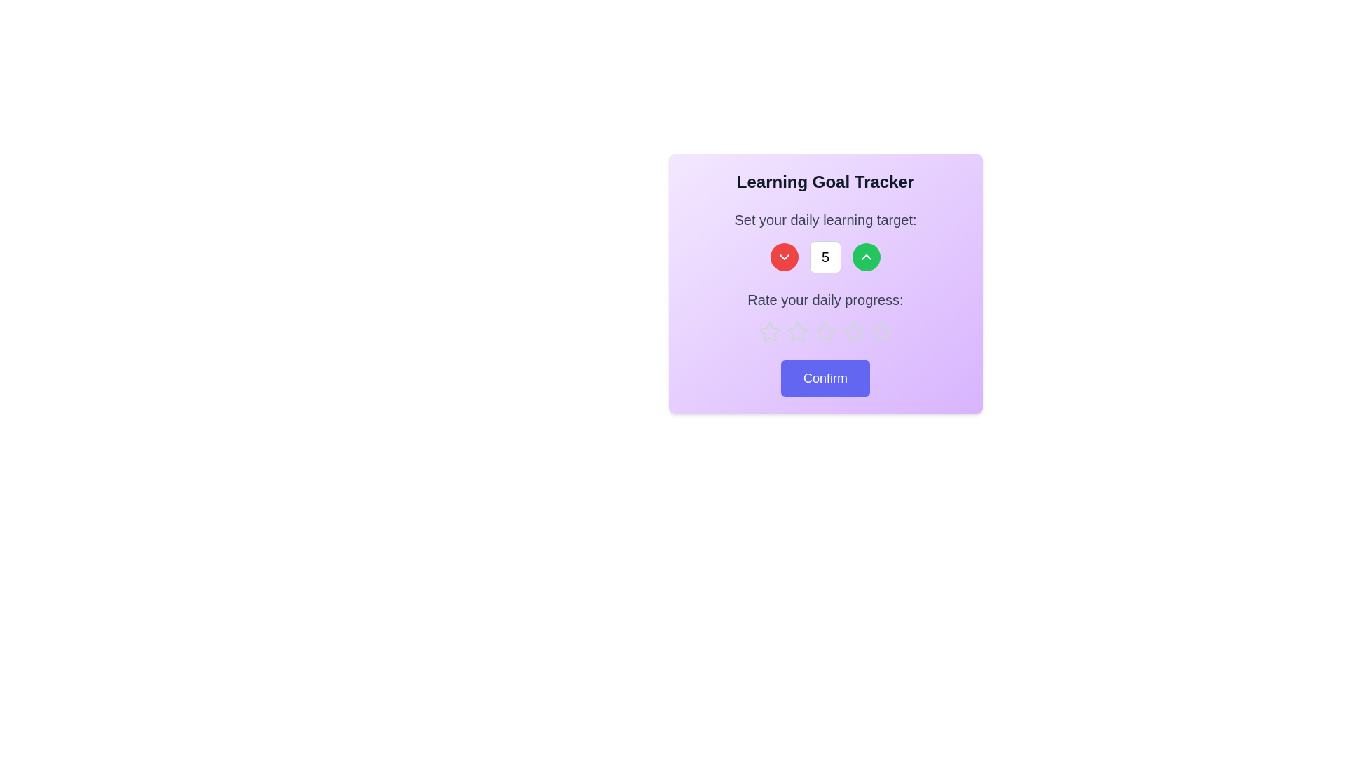  Describe the element at coordinates (825, 257) in the screenshot. I see `current numeric value displayed in the Text display box located between the red downward arrow button and the green upward arrow button in the 'Set your daily learning target' section` at that location.